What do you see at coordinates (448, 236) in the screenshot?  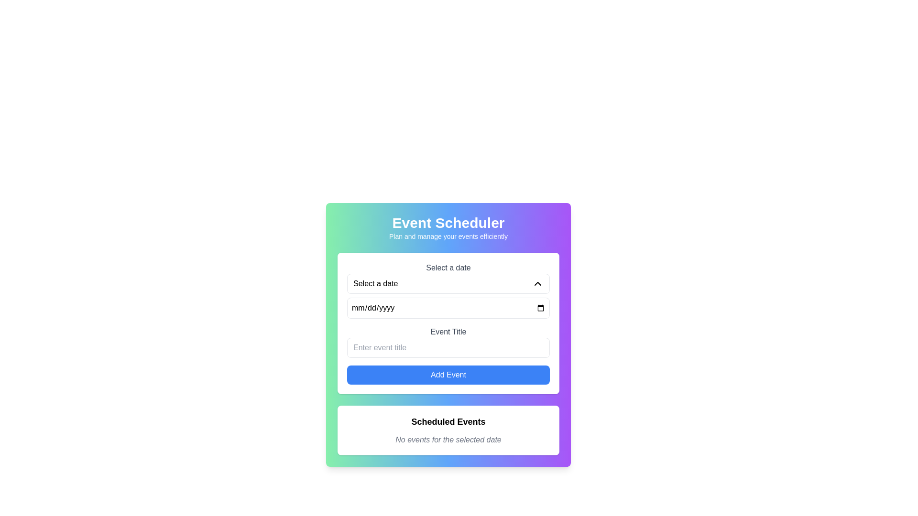 I see `static text label positioned beneath the 'Event Scheduler' header, which provides additional context and guidance about the purpose of the Event Scheduler` at bounding box center [448, 236].